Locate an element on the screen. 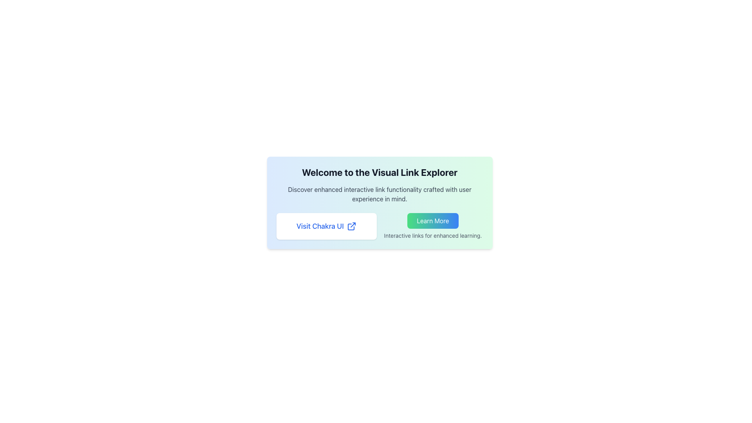 The height and width of the screenshot is (423, 752). the static text content element that provides introductory information, located beneath the title 'Welcome to the Visual Link Explorer' is located at coordinates (380, 194).